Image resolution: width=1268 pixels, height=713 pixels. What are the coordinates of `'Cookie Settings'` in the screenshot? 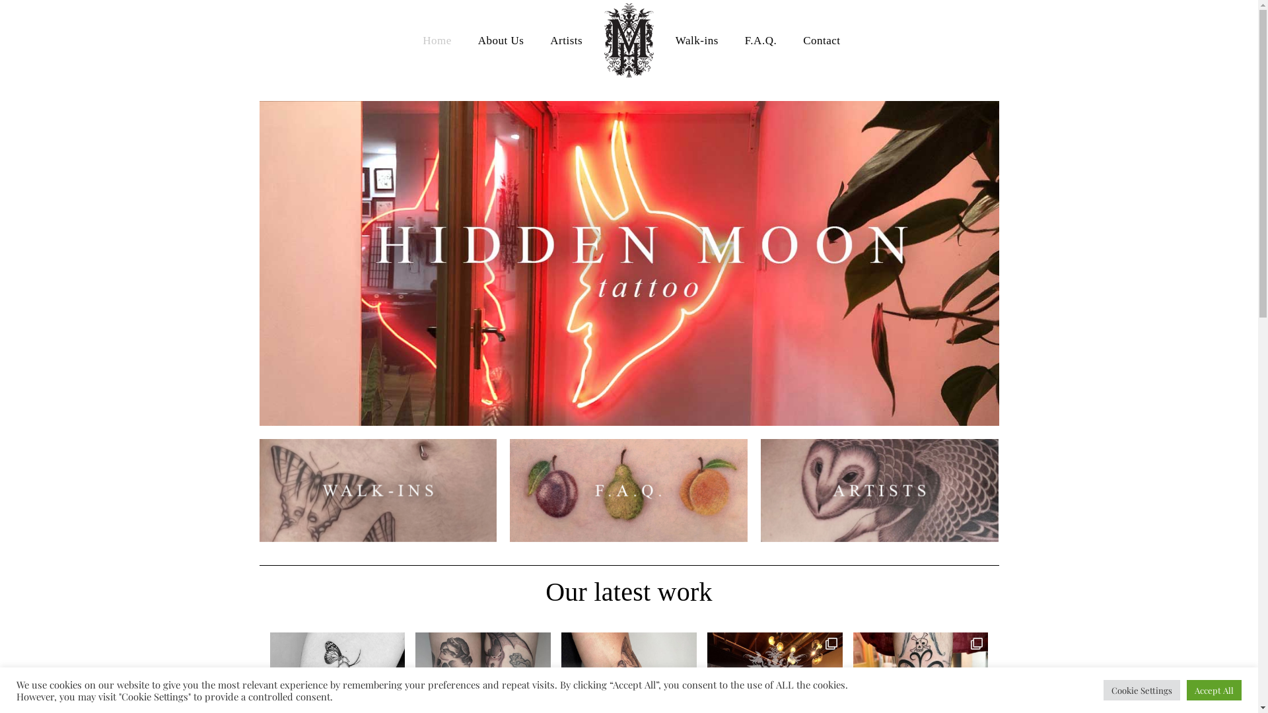 It's located at (1103, 689).